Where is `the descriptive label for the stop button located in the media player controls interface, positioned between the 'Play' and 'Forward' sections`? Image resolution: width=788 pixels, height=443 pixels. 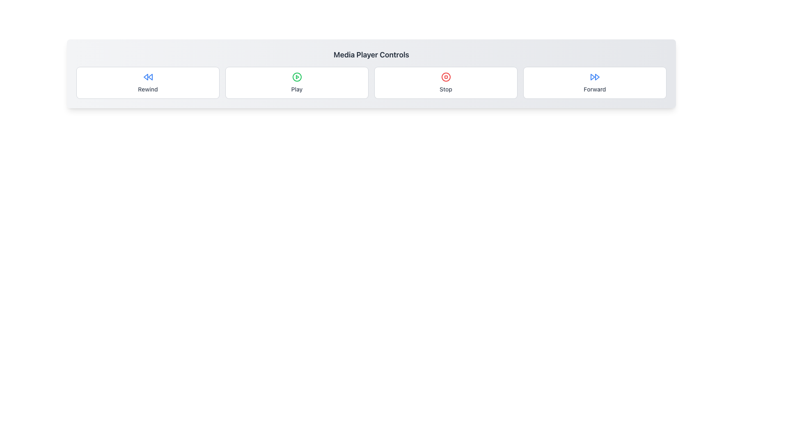
the descriptive label for the stop button located in the media player controls interface, positioned between the 'Play' and 'Forward' sections is located at coordinates (445, 89).